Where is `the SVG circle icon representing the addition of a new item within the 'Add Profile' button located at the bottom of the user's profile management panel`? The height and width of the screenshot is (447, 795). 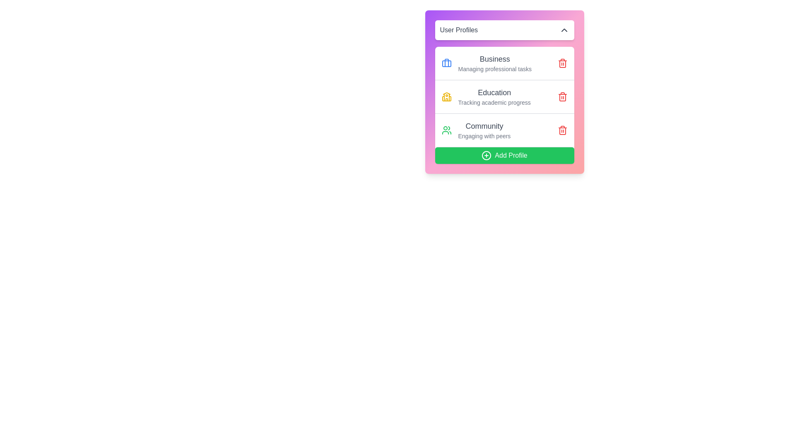 the SVG circle icon representing the addition of a new item within the 'Add Profile' button located at the bottom of the user's profile management panel is located at coordinates (487, 155).